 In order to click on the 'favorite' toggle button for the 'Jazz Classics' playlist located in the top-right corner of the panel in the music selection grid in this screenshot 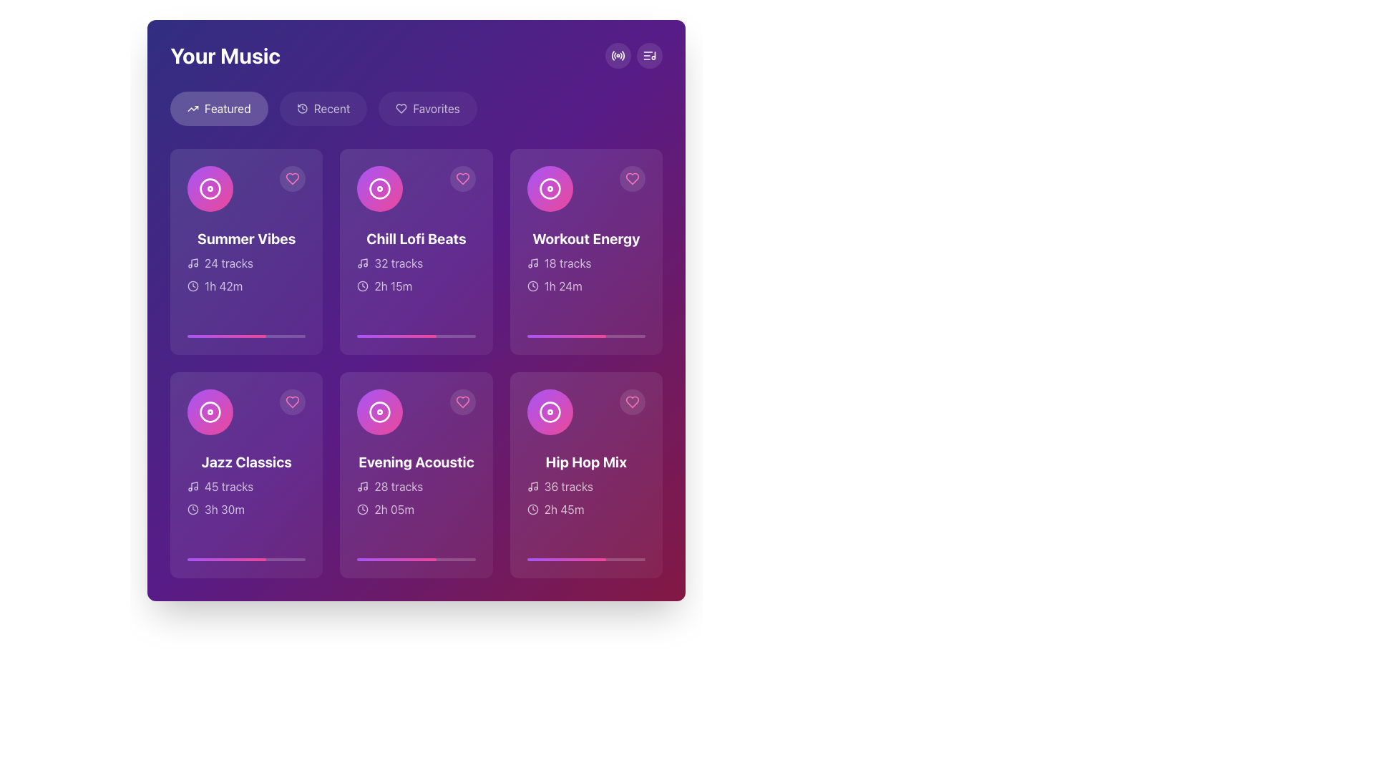, I will do `click(292, 402)`.